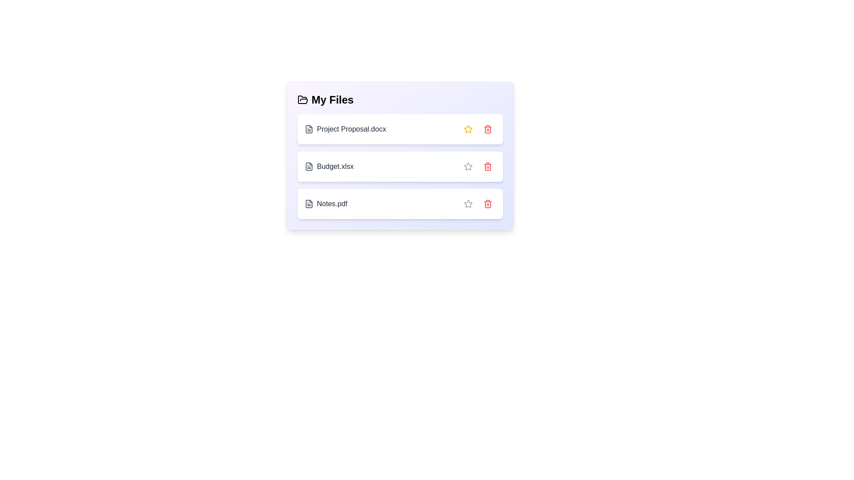 The width and height of the screenshot is (854, 480). I want to click on trash icon for the file Budget.xlsx to remove it from the list, so click(487, 166).